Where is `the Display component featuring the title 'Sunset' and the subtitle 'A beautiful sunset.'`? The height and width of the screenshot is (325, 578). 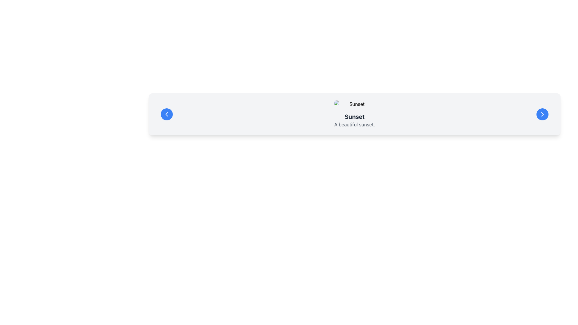 the Display component featuring the title 'Sunset' and the subtitle 'A beautiful sunset.' is located at coordinates (354, 114).